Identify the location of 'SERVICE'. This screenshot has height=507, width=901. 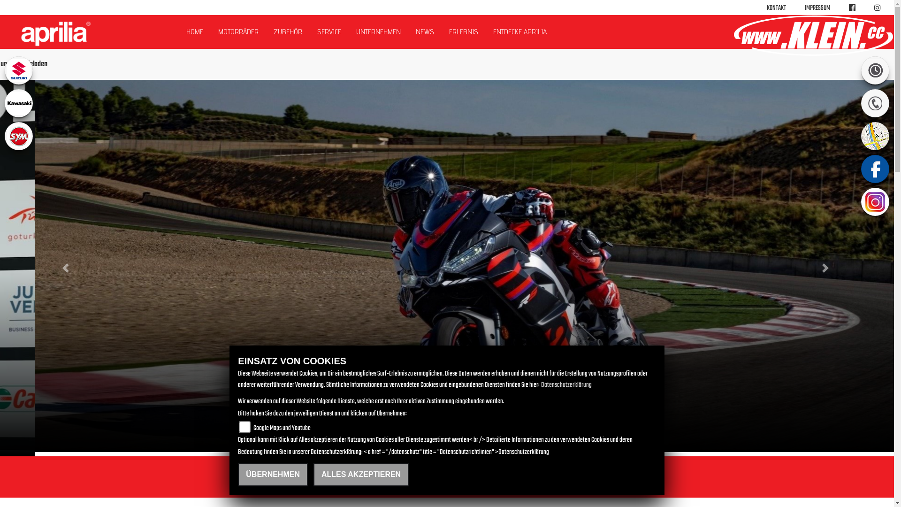
(310, 31).